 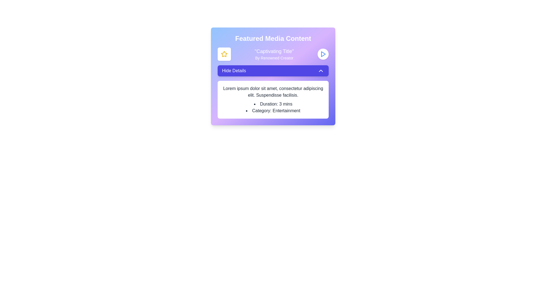 I want to click on the play button icon located in the header area of the 'Featured Media Content' card, so click(x=323, y=54).